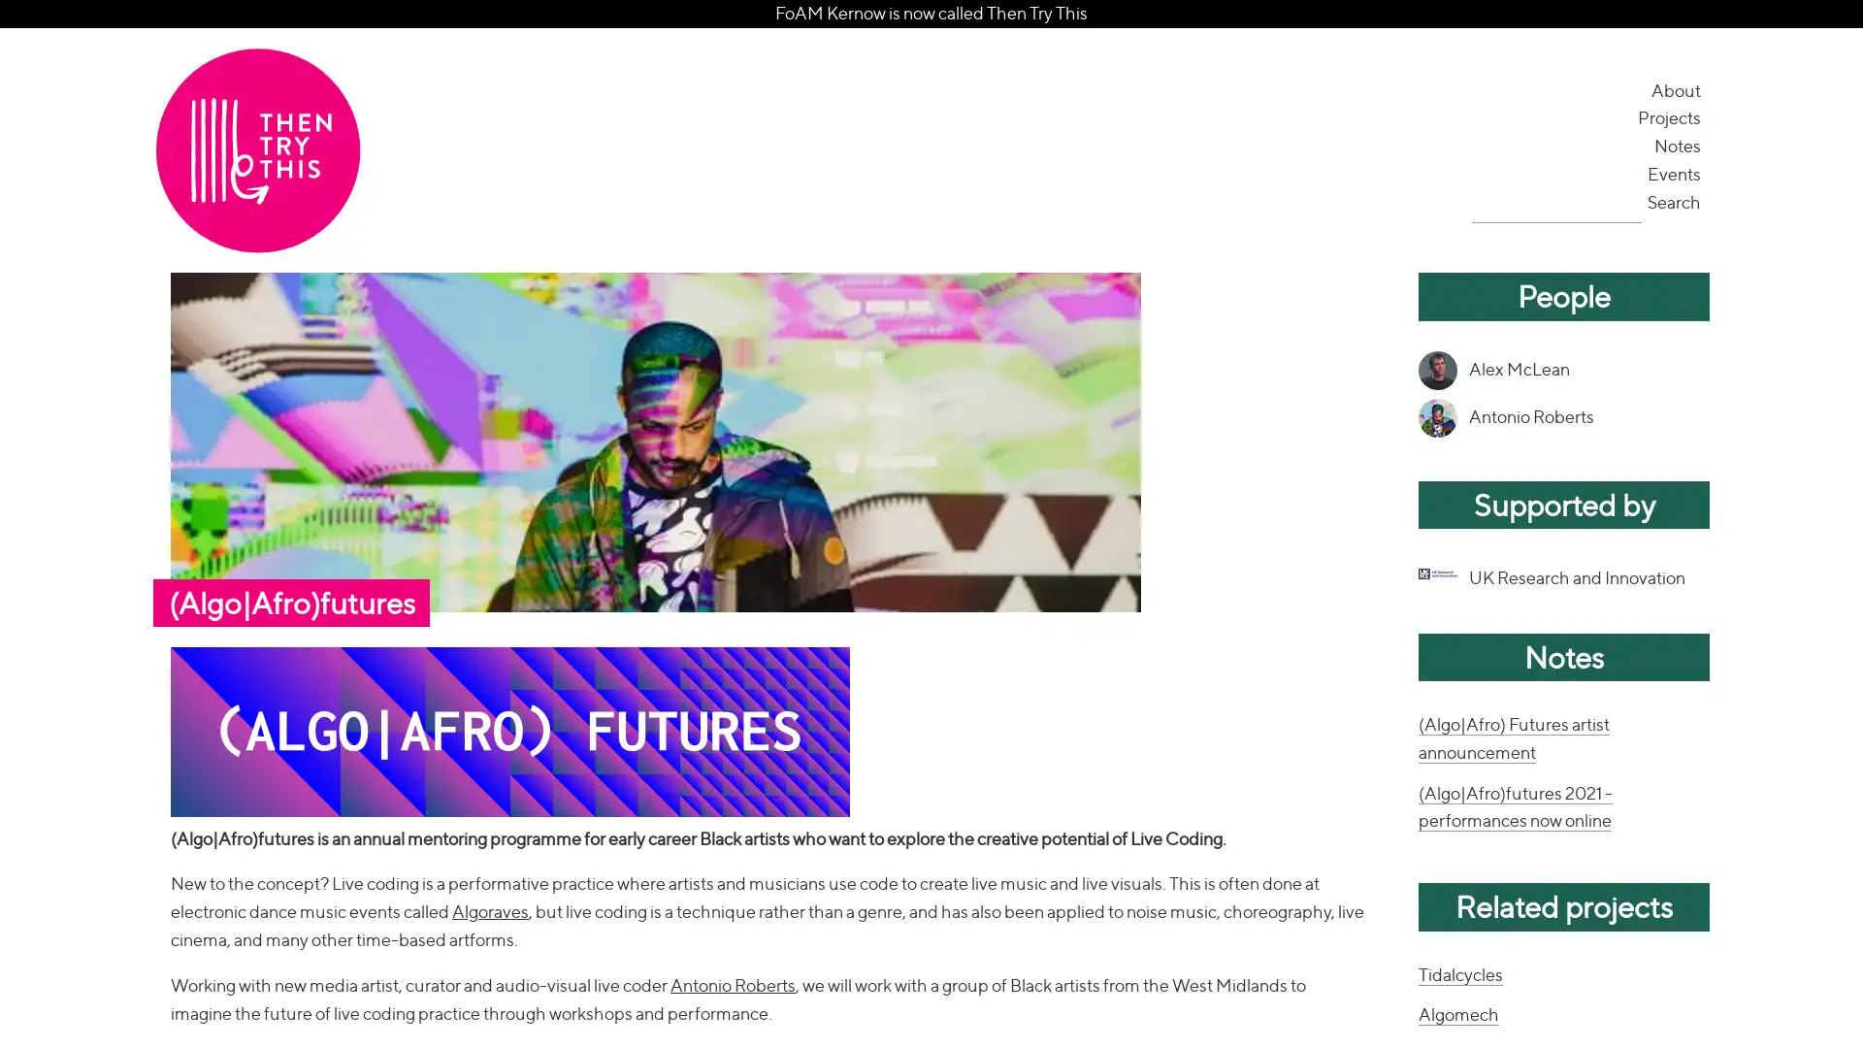 The width and height of the screenshot is (1863, 1048). What do you see at coordinates (1675, 201) in the screenshot?
I see `Search` at bounding box center [1675, 201].